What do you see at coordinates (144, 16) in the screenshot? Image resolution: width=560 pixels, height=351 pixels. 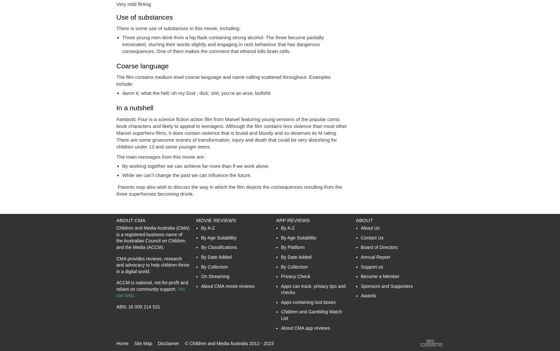 I see `'Use of substances'` at bounding box center [144, 16].